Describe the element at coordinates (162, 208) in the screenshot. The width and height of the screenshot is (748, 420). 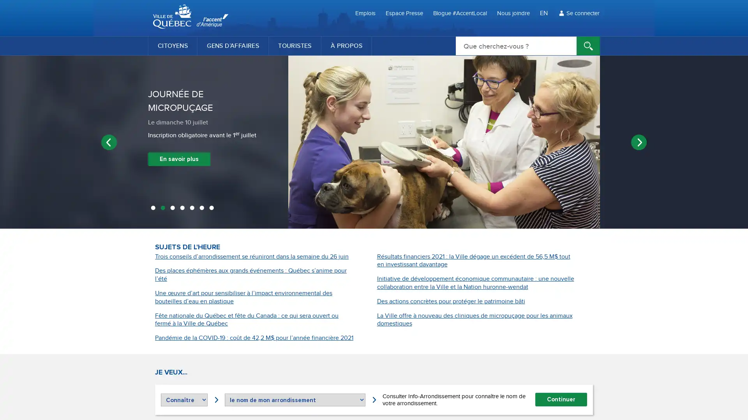
I see `Diapositive numero 2` at that location.